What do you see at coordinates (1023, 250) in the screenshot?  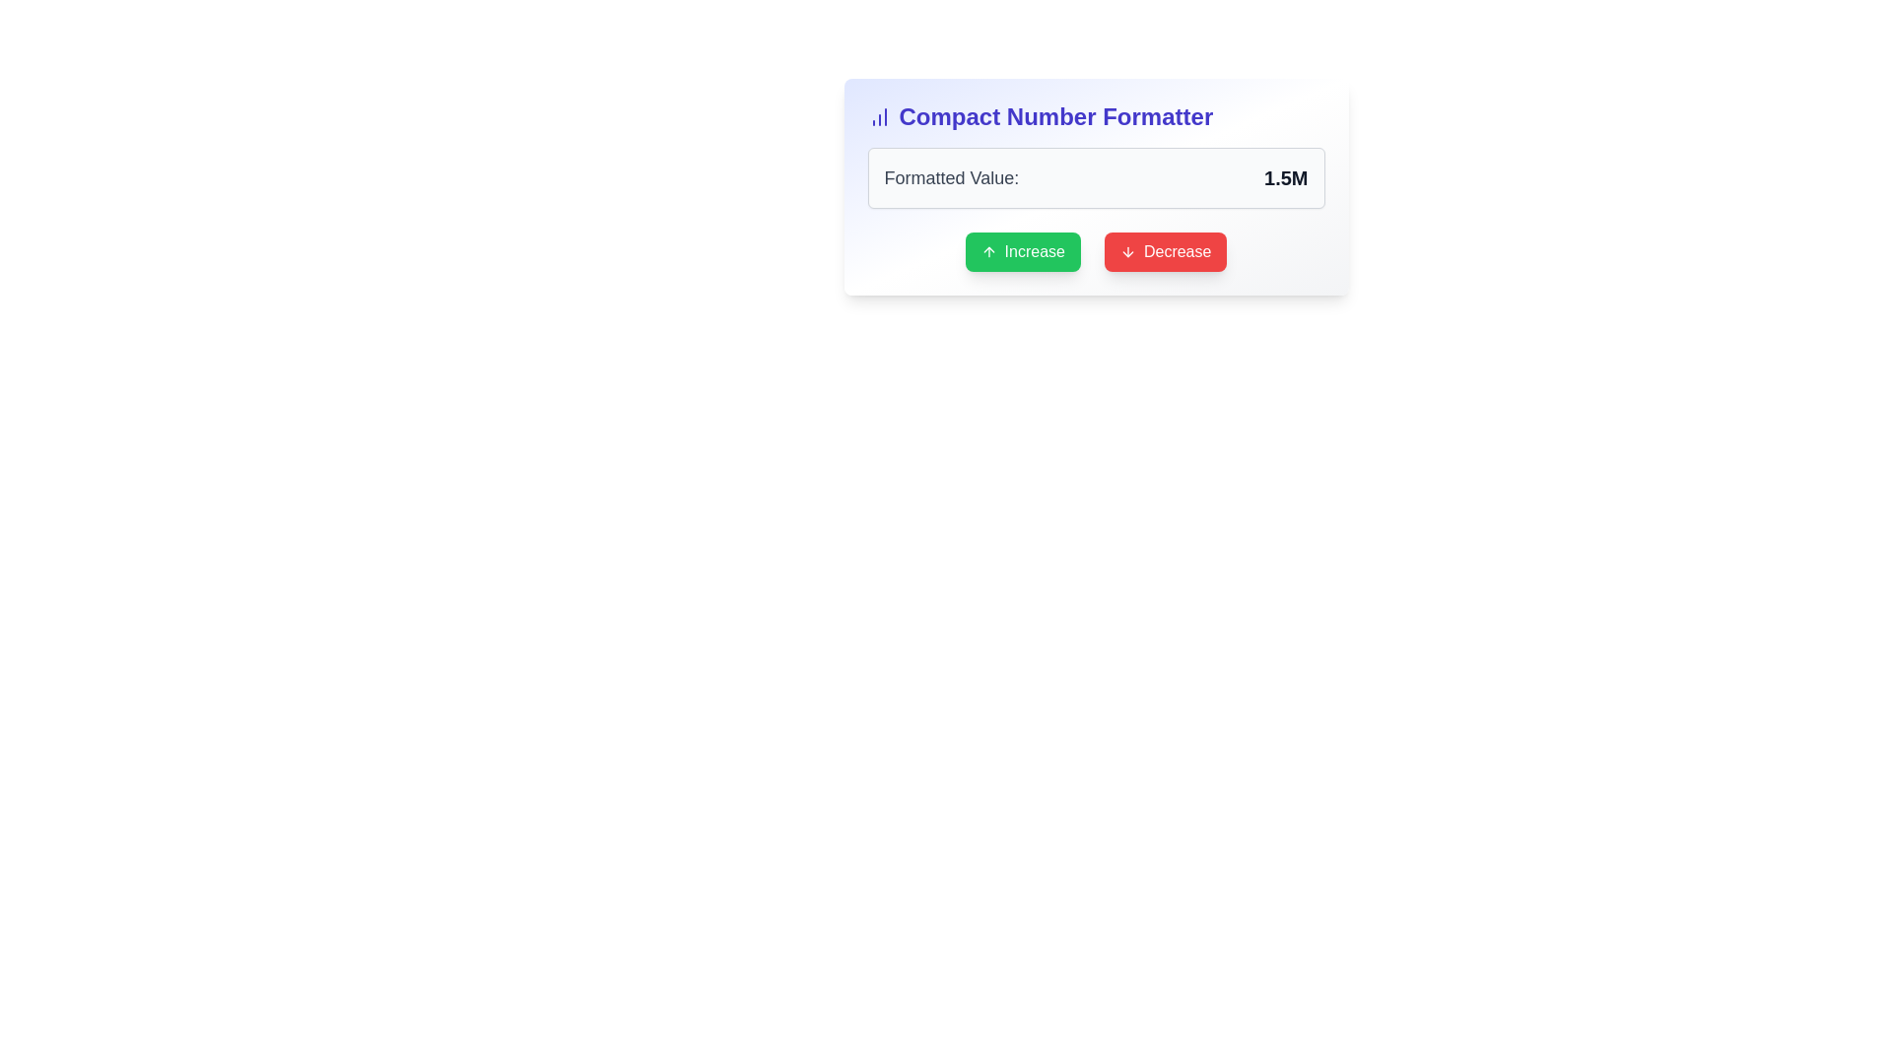 I see `the 'Increase' button with a green background and rounded corners, which is positioned to the left of the 'Decrease' button and below the 'Formatted Value' label` at bounding box center [1023, 250].